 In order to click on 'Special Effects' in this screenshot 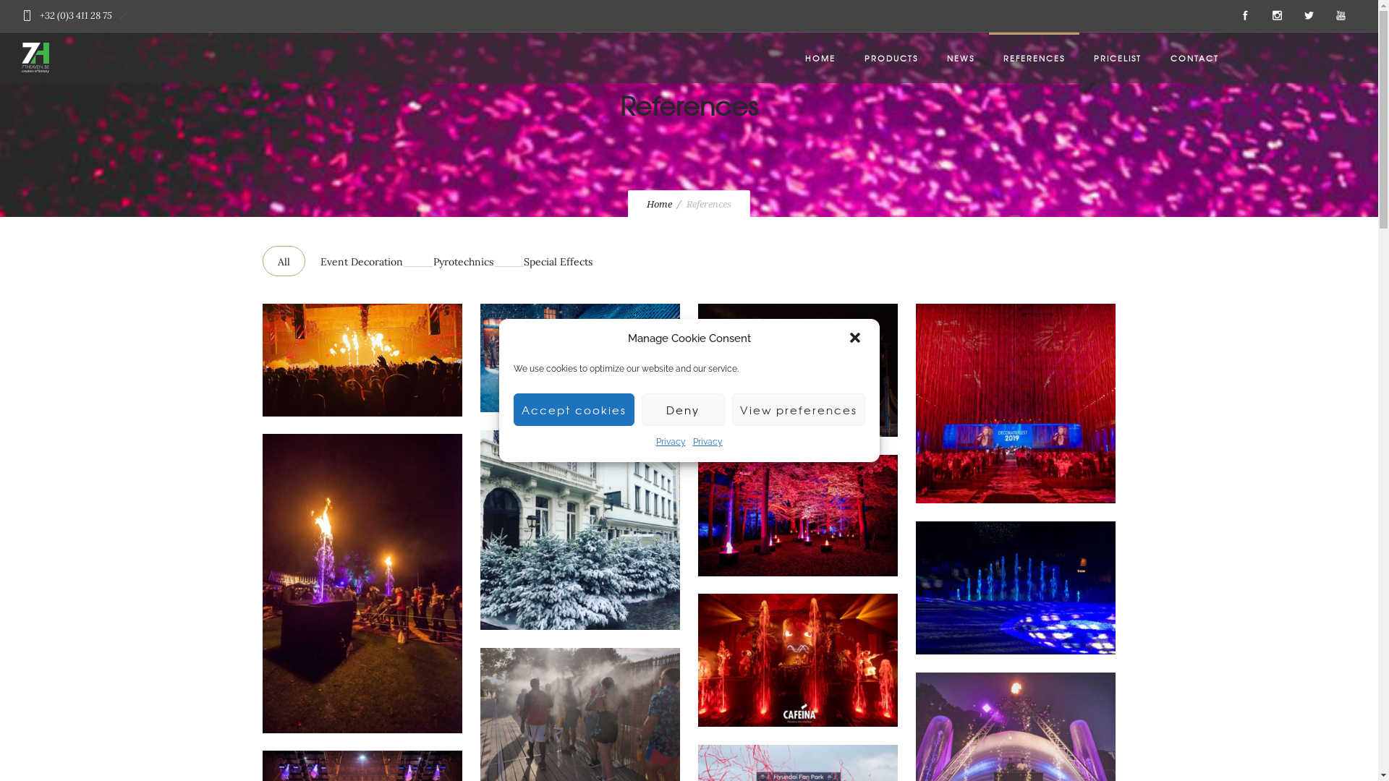, I will do `click(556, 261)`.